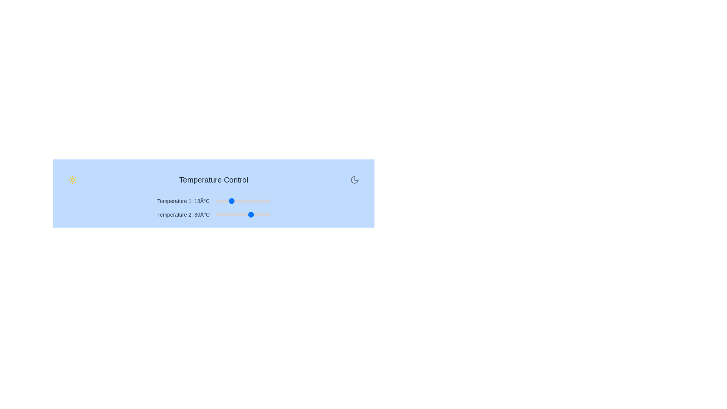 The height and width of the screenshot is (409, 727). What do you see at coordinates (241, 215) in the screenshot?
I see `the temperature slider` at bounding box center [241, 215].